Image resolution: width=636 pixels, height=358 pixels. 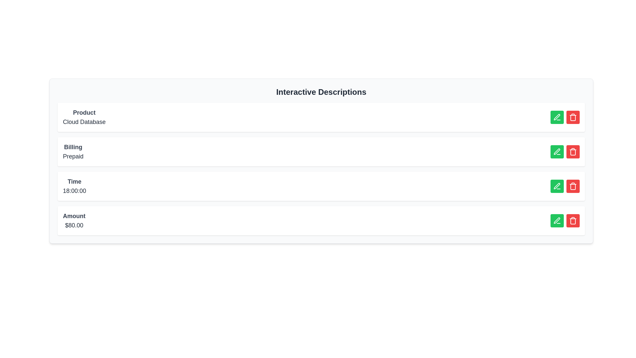 What do you see at coordinates (572, 186) in the screenshot?
I see `the delete icon button located on the far right of the third row in the interactive description section` at bounding box center [572, 186].